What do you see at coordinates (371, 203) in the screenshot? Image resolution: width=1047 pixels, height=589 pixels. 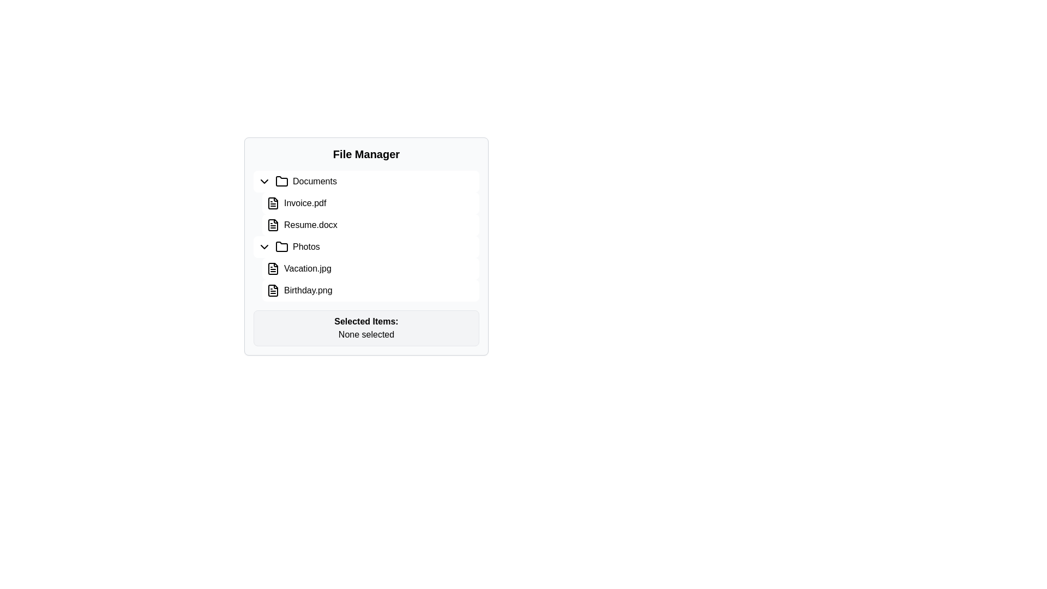 I see `the second file entry row under the 'Documents' group in the file management interface` at bounding box center [371, 203].